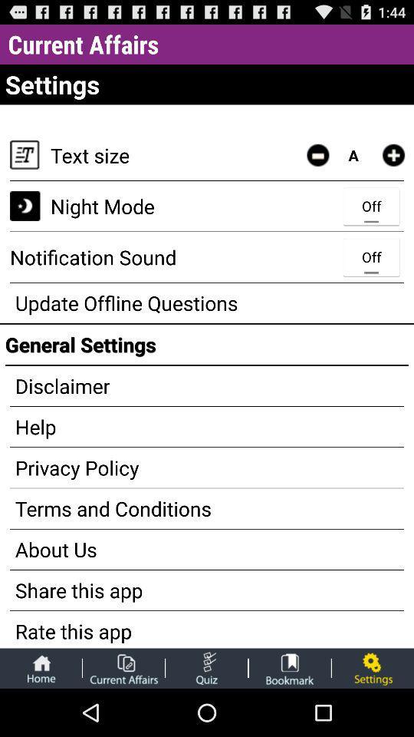 The image size is (414, 737). Describe the element at coordinates (207, 508) in the screenshot. I see `terms and conditions app` at that location.